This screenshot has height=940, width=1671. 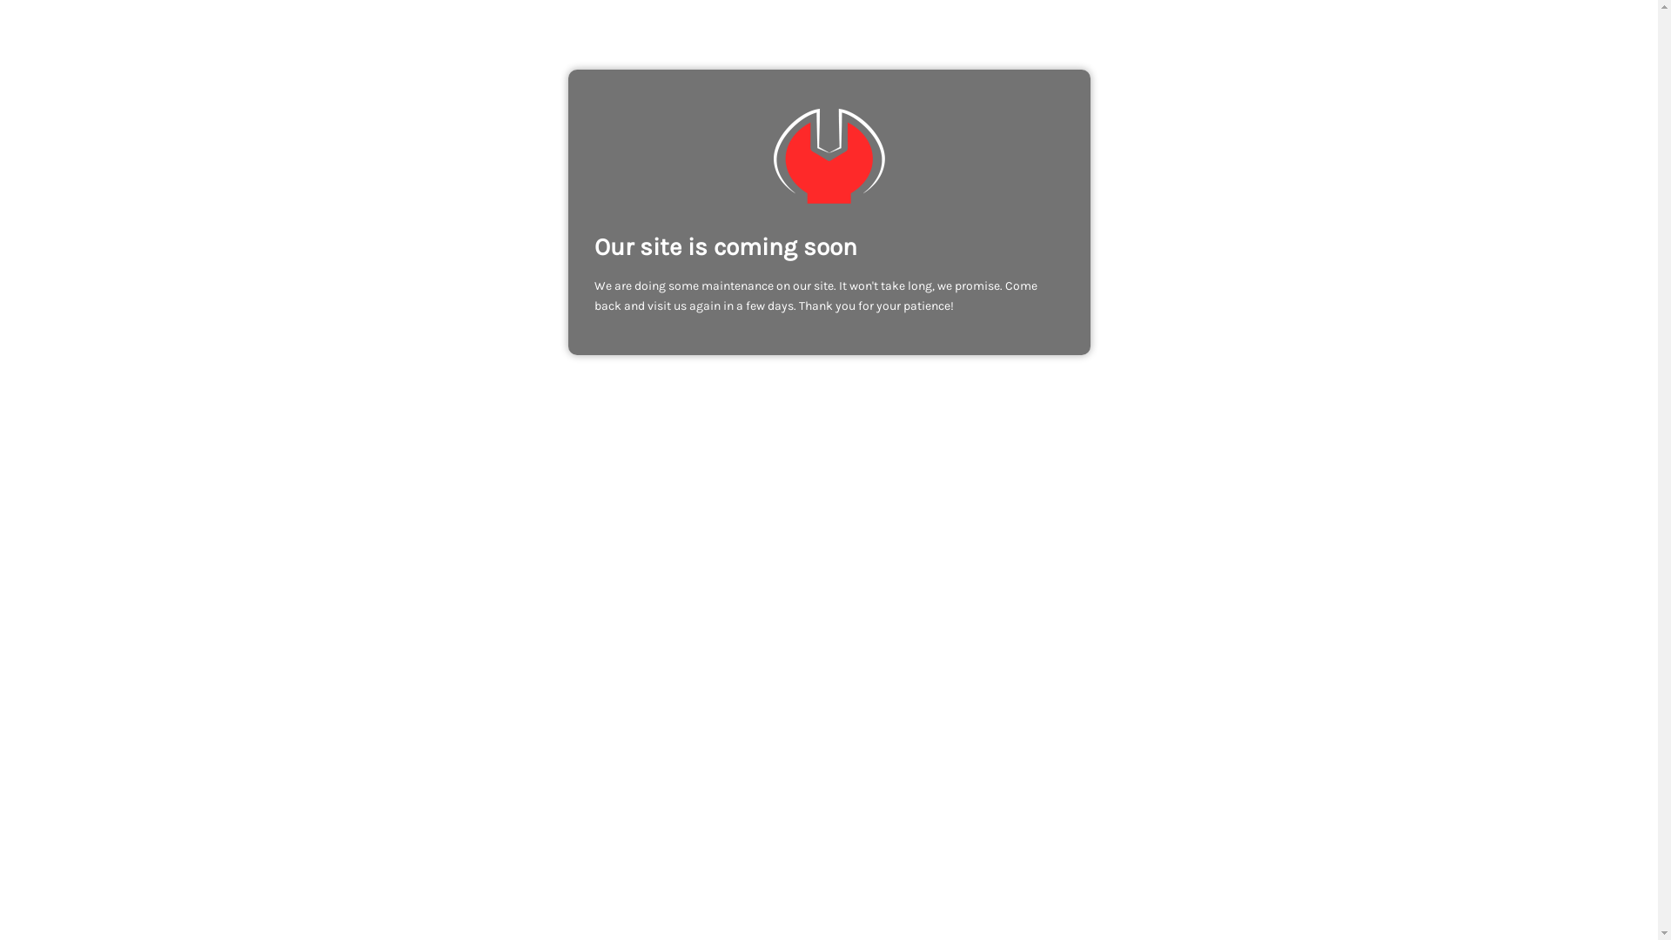 What do you see at coordinates (827, 155) in the screenshot?
I see `'123casino.be'` at bounding box center [827, 155].